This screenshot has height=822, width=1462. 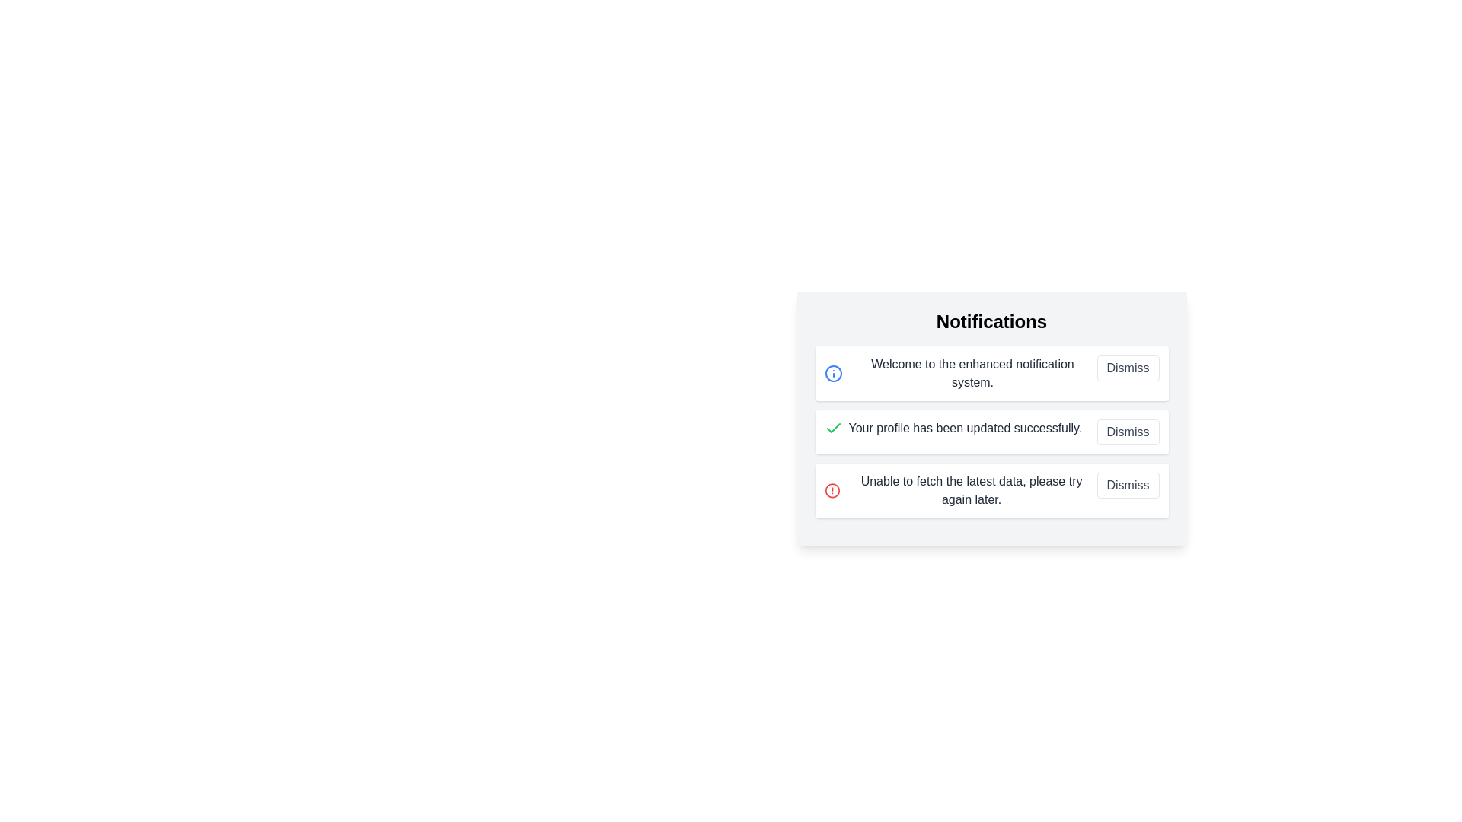 What do you see at coordinates (991, 321) in the screenshot?
I see `heading text of the notification panel, which is the topmost Text element located centrally at the top of the panel` at bounding box center [991, 321].